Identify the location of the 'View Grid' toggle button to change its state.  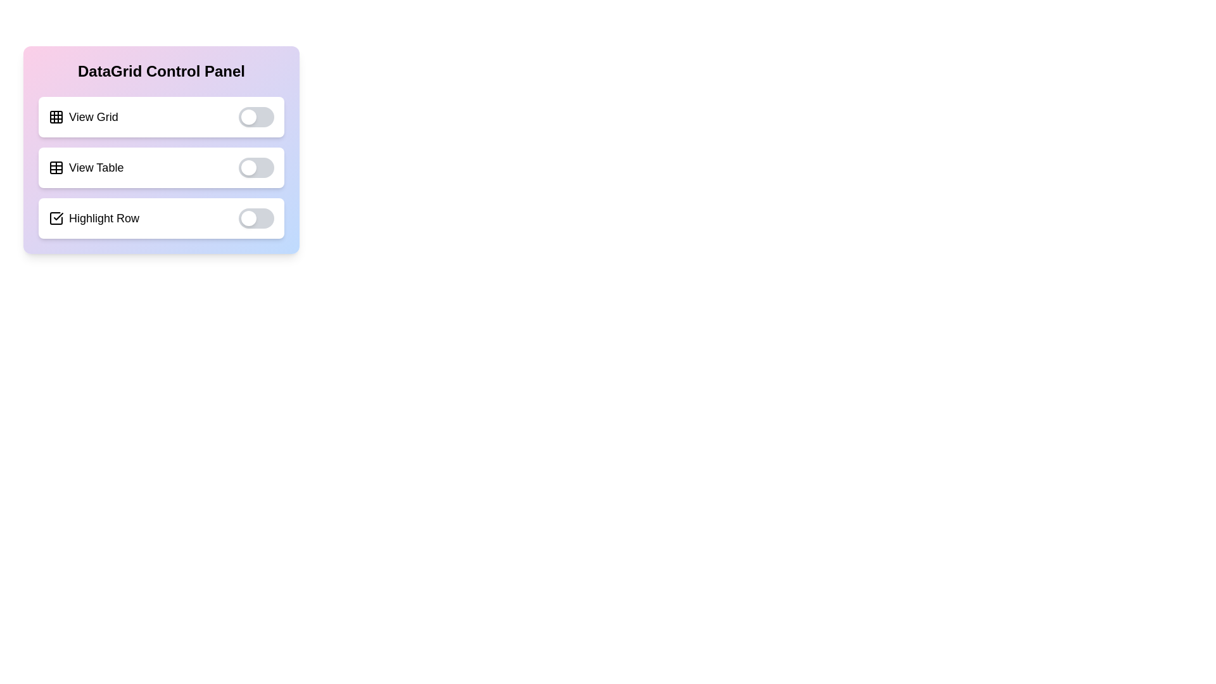
(255, 117).